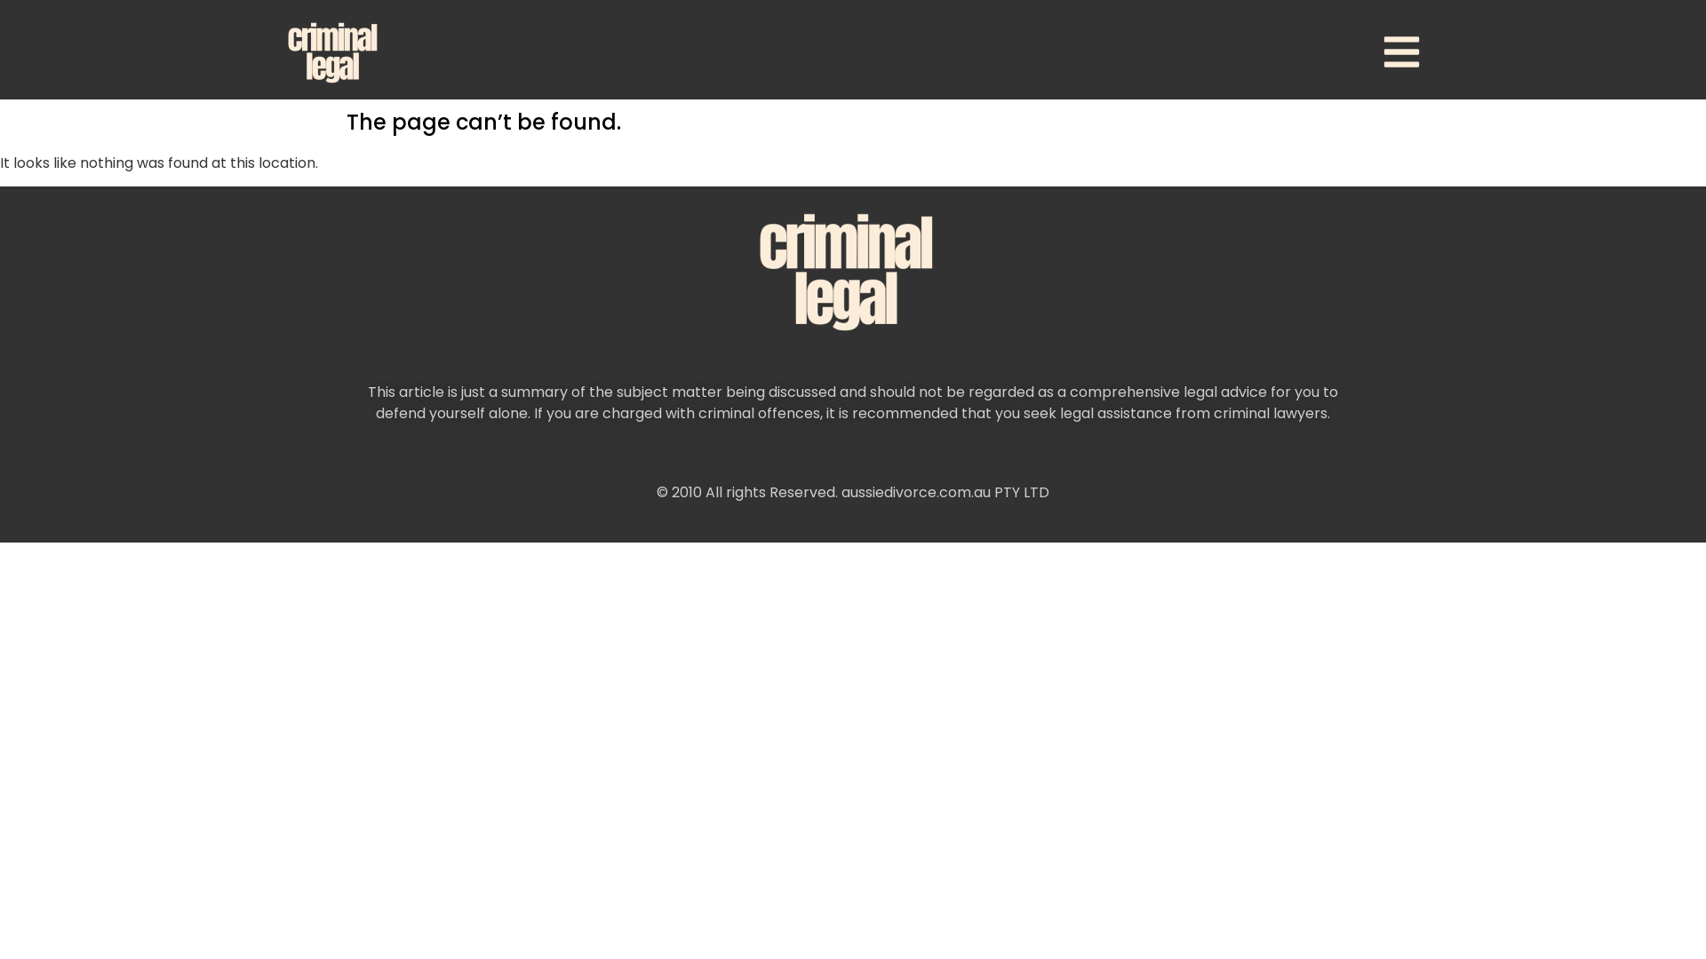 The height and width of the screenshot is (959, 1706). Describe the element at coordinates (853, 270) in the screenshot. I see `'criminallegal cre'` at that location.